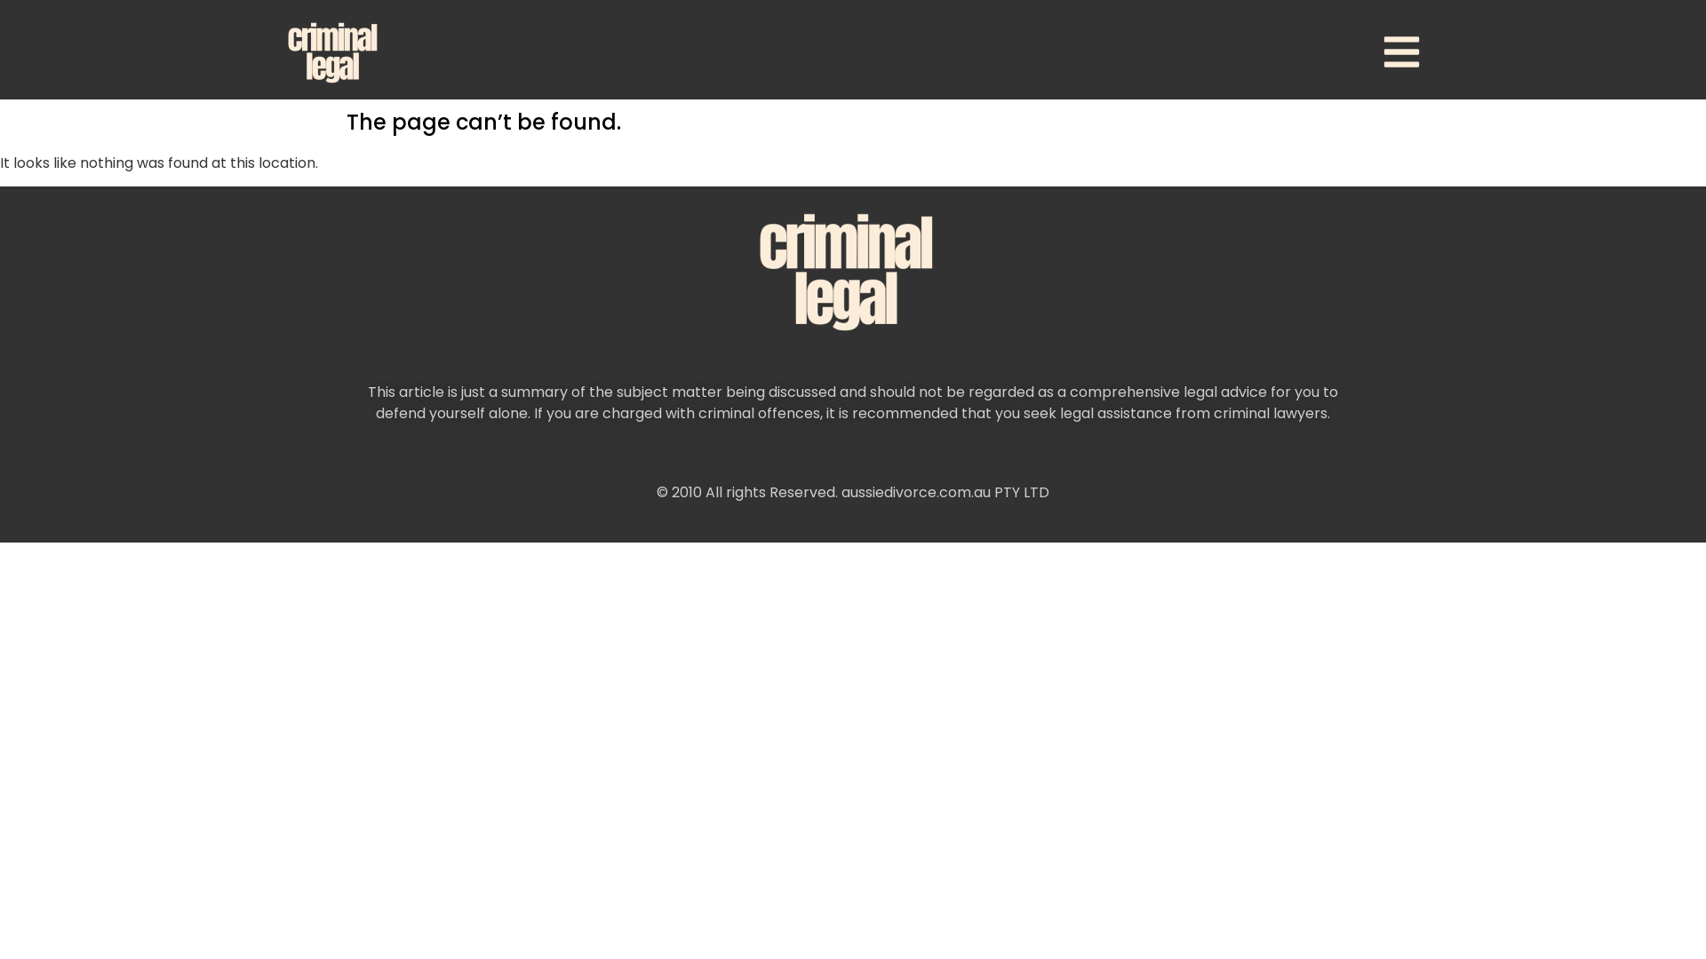 The height and width of the screenshot is (959, 1706). Describe the element at coordinates (853, 270) in the screenshot. I see `'criminallegal cre'` at that location.